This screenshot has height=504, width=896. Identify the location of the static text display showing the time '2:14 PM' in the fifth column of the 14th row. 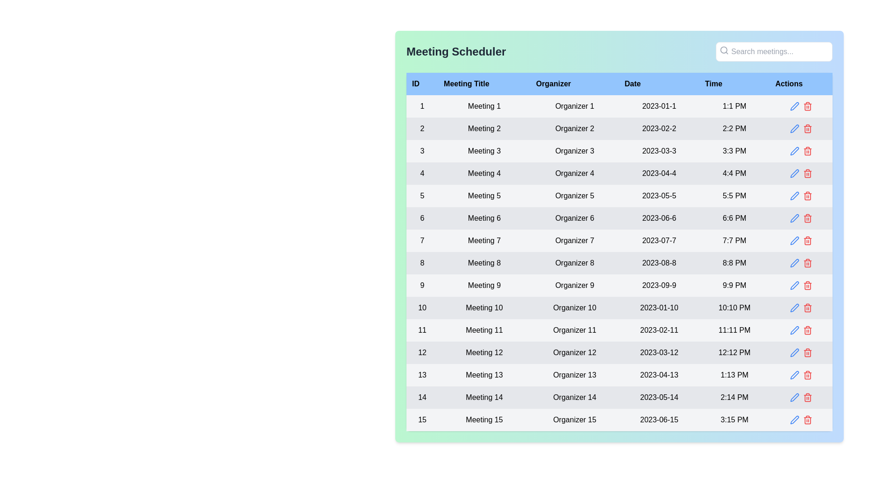
(734, 398).